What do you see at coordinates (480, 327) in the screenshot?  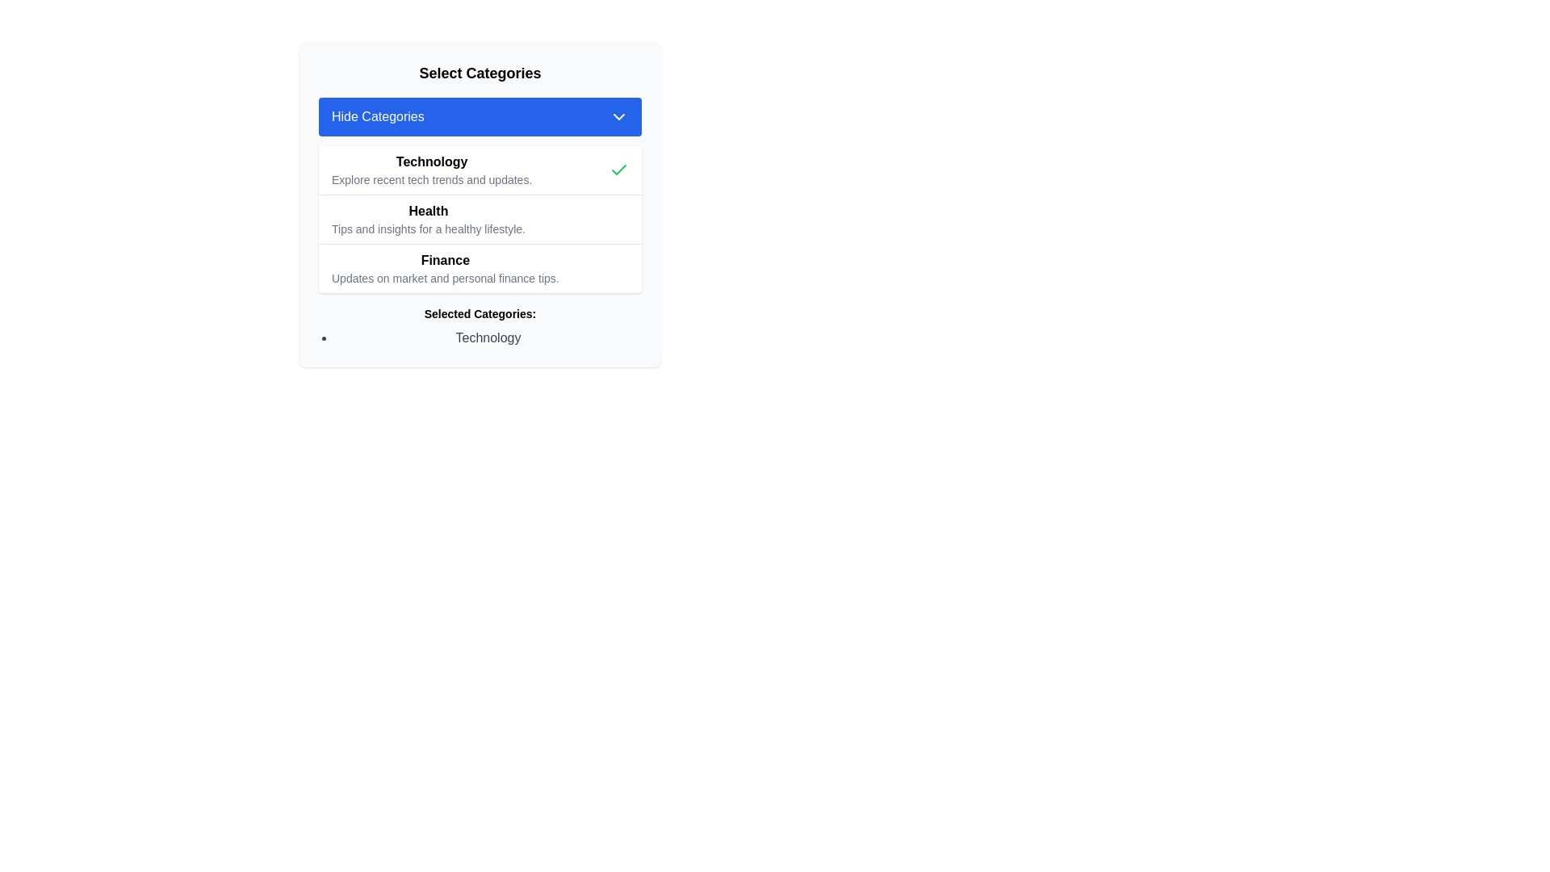 I see `text displayed on the Text Label indicating the chosen category, which shows 'Selected Categories: Technology' in bold with 'Technology' in grayish tone` at bounding box center [480, 327].